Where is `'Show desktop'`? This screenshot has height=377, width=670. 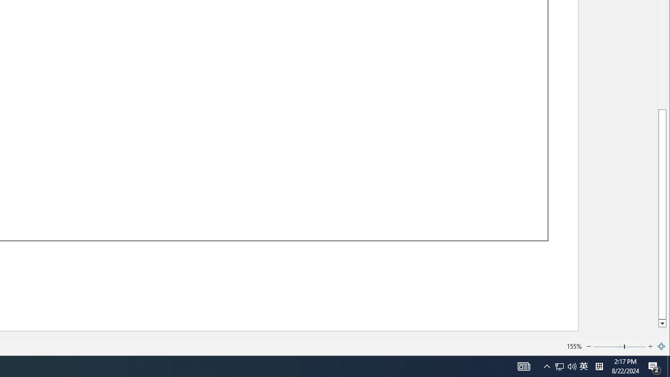
'Show desktop' is located at coordinates (668, 365).